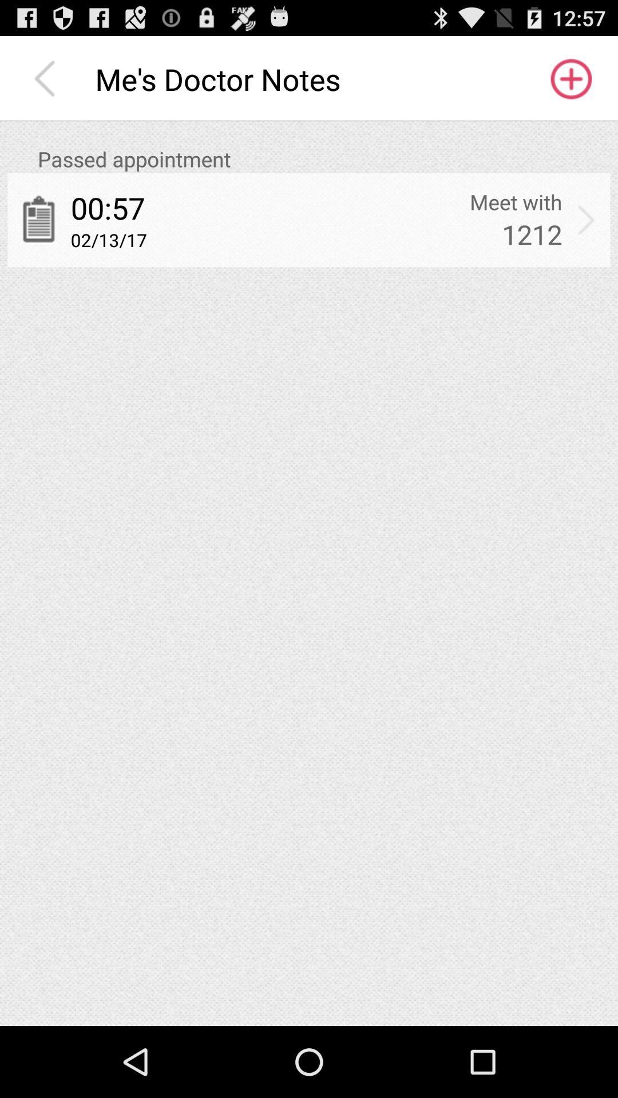  What do you see at coordinates (108, 208) in the screenshot?
I see `the app to the left of meet with app` at bounding box center [108, 208].